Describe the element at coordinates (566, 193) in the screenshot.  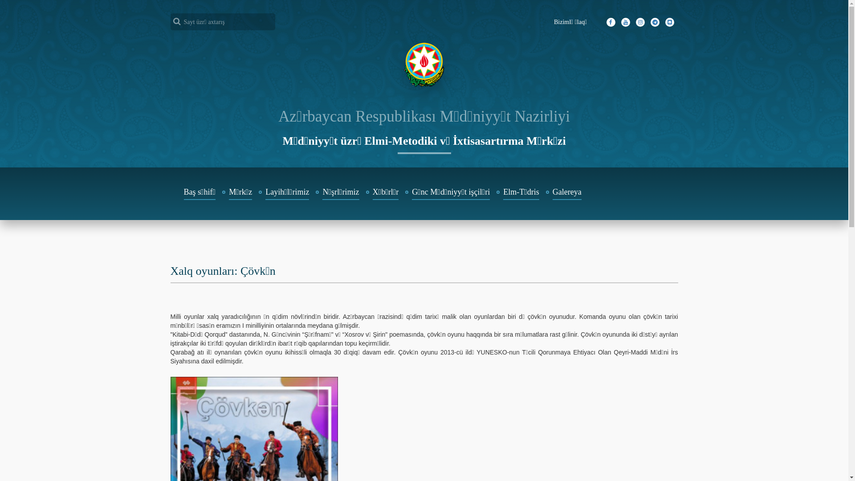
I see `'Galereya'` at that location.